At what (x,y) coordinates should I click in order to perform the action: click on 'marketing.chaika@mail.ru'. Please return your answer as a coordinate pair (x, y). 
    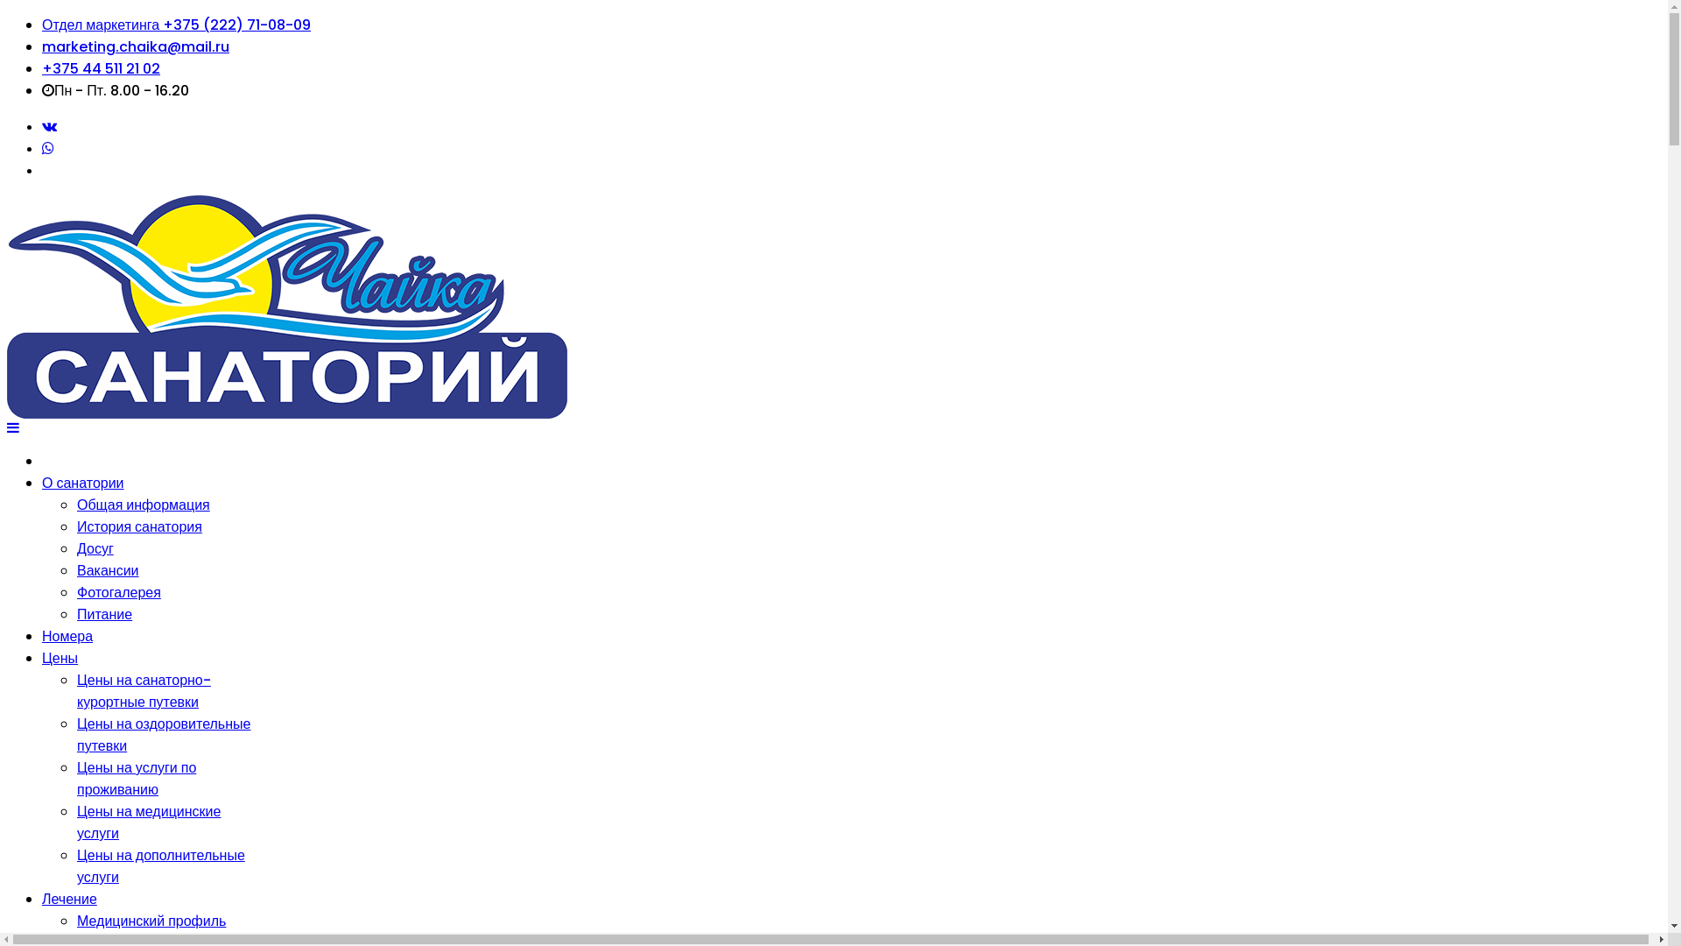
    Looking at the image, I should click on (134, 46).